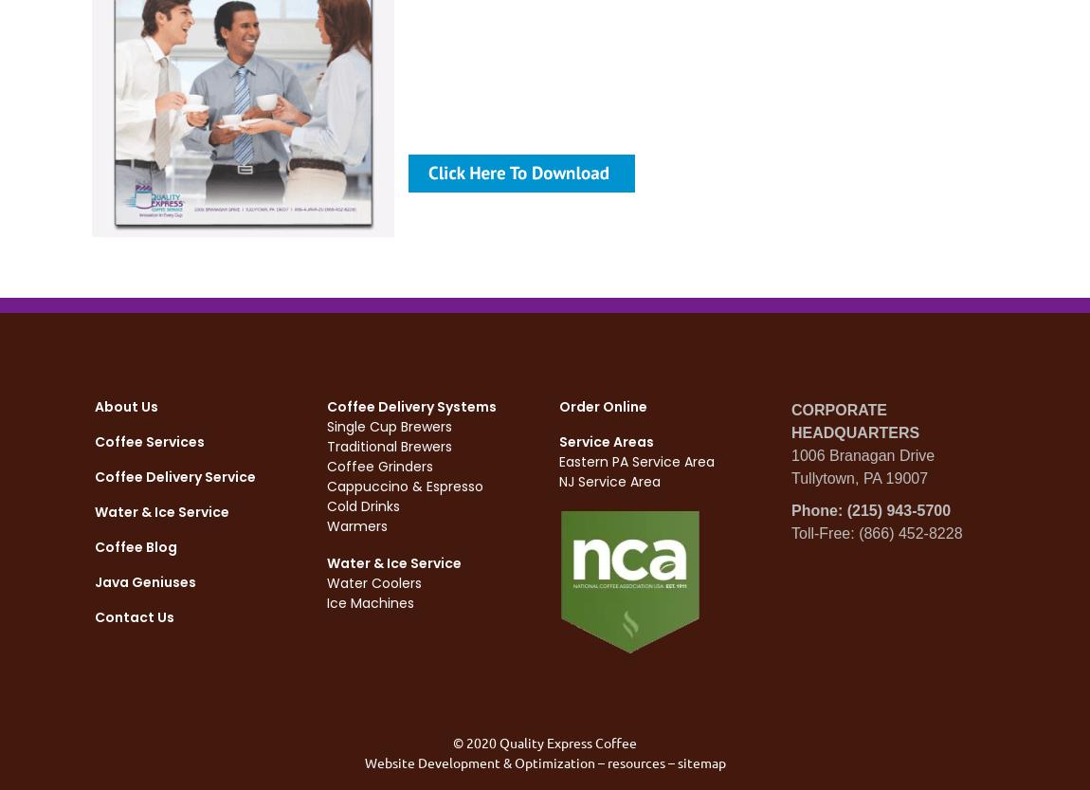 Image resolution: width=1090 pixels, height=790 pixels. I want to click on 'Java Geniuses', so click(144, 581).